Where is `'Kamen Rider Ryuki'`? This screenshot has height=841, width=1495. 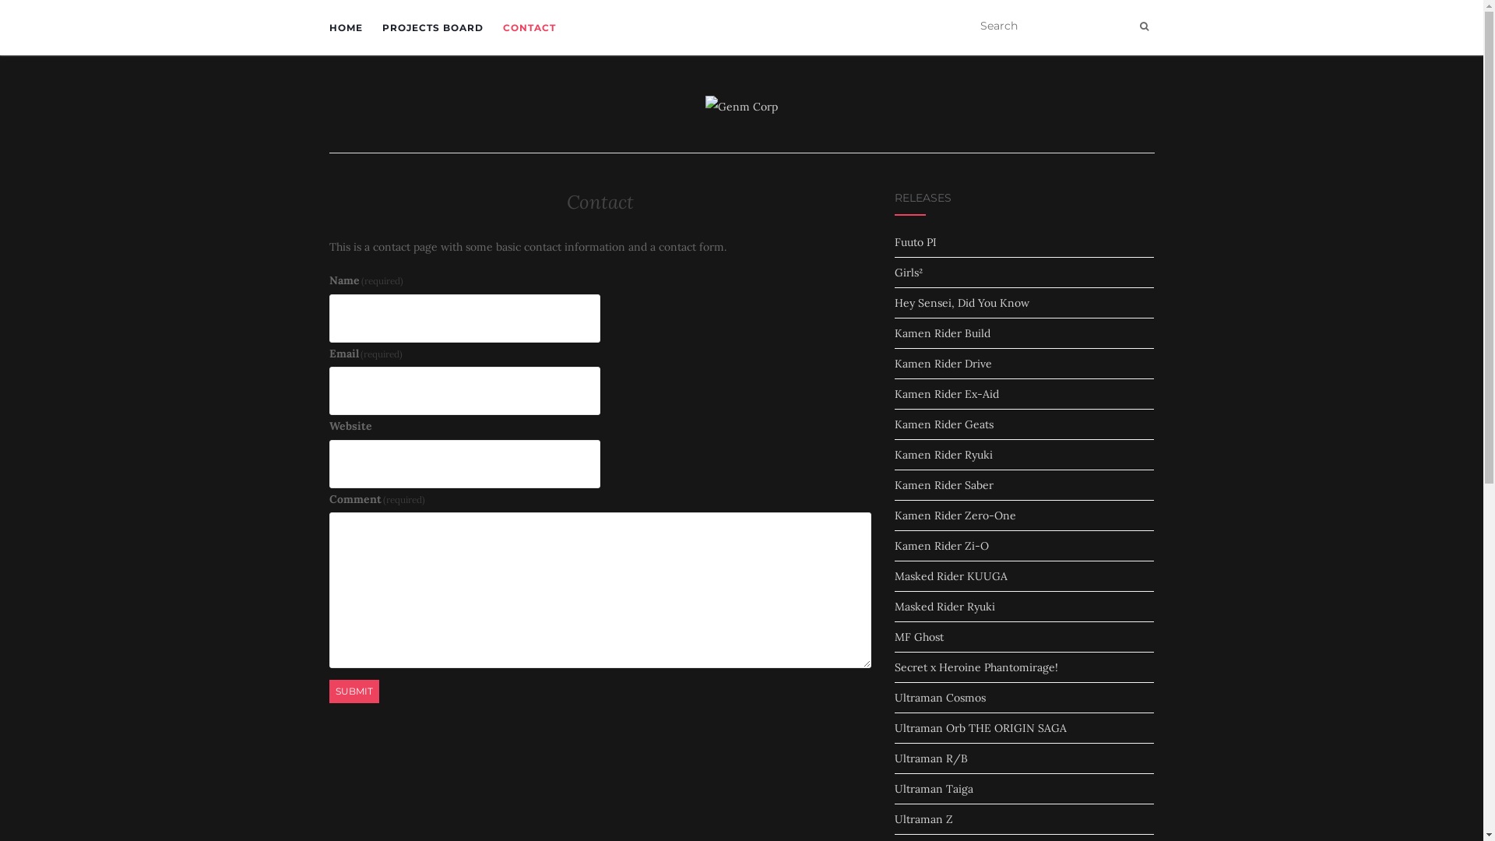
'Kamen Rider Ryuki' is located at coordinates (942, 454).